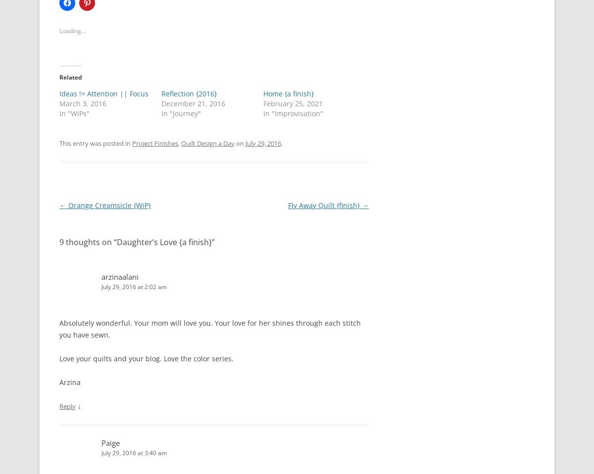 This screenshot has width=594, height=474. Describe the element at coordinates (100, 442) in the screenshot. I see `'Paige'` at that location.